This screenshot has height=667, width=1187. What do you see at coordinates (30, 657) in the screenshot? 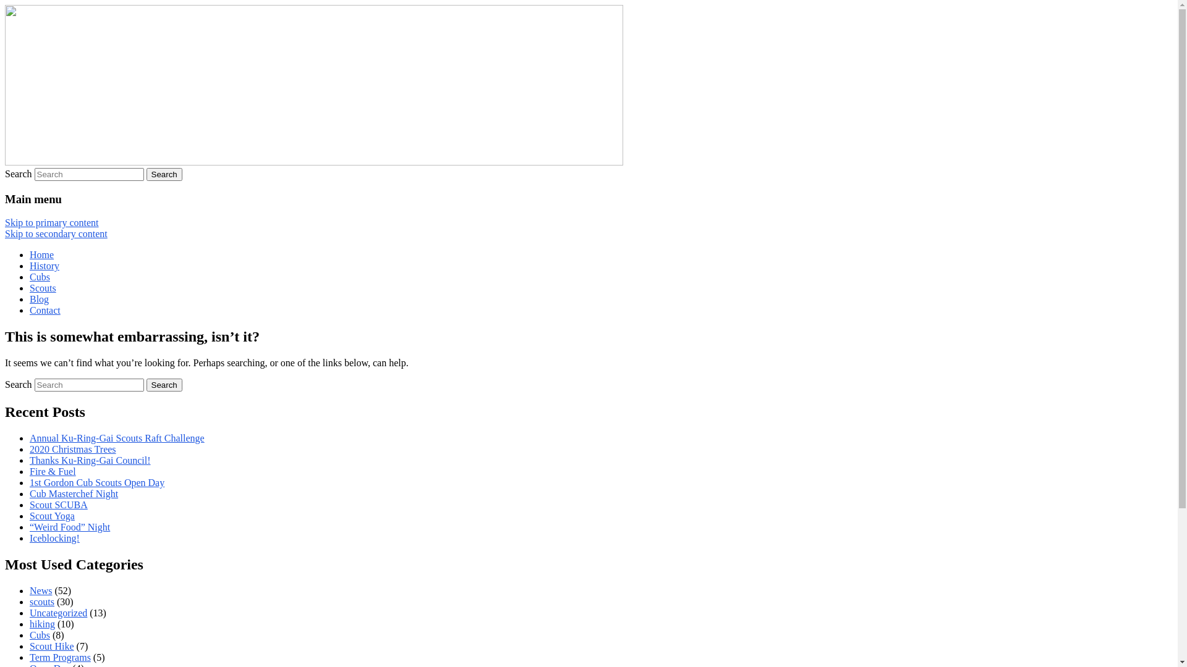
I see `'Term Programs'` at bounding box center [30, 657].